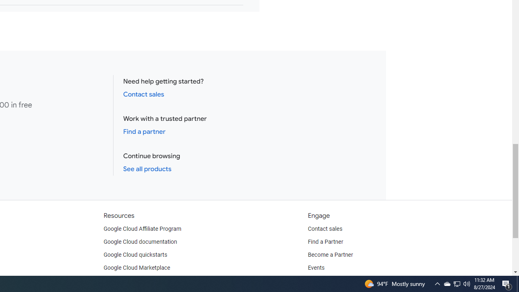 This screenshot has width=519, height=292. What do you see at coordinates (140, 241) in the screenshot?
I see `'Google Cloud documentation'` at bounding box center [140, 241].